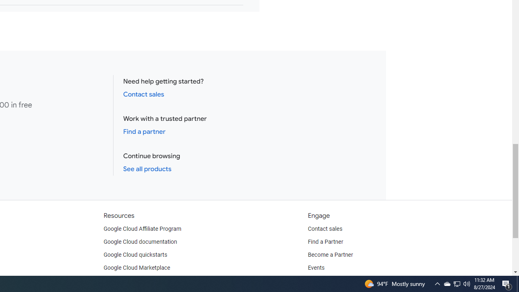 This screenshot has width=519, height=292. What do you see at coordinates (140, 241) in the screenshot?
I see `'Google Cloud documentation'` at bounding box center [140, 241].